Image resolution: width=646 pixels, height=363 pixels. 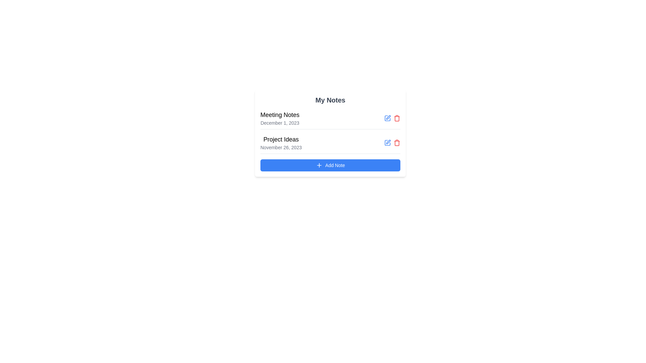 I want to click on the addition icon located to the left of the blue 'Add Note' button at the bottom of the 'My Notes' card, so click(x=319, y=165).